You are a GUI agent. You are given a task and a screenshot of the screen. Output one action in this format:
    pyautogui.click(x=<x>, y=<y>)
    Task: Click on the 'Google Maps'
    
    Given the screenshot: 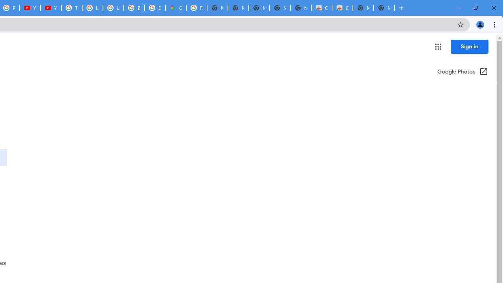 What is the action you would take?
    pyautogui.click(x=175, y=8)
    